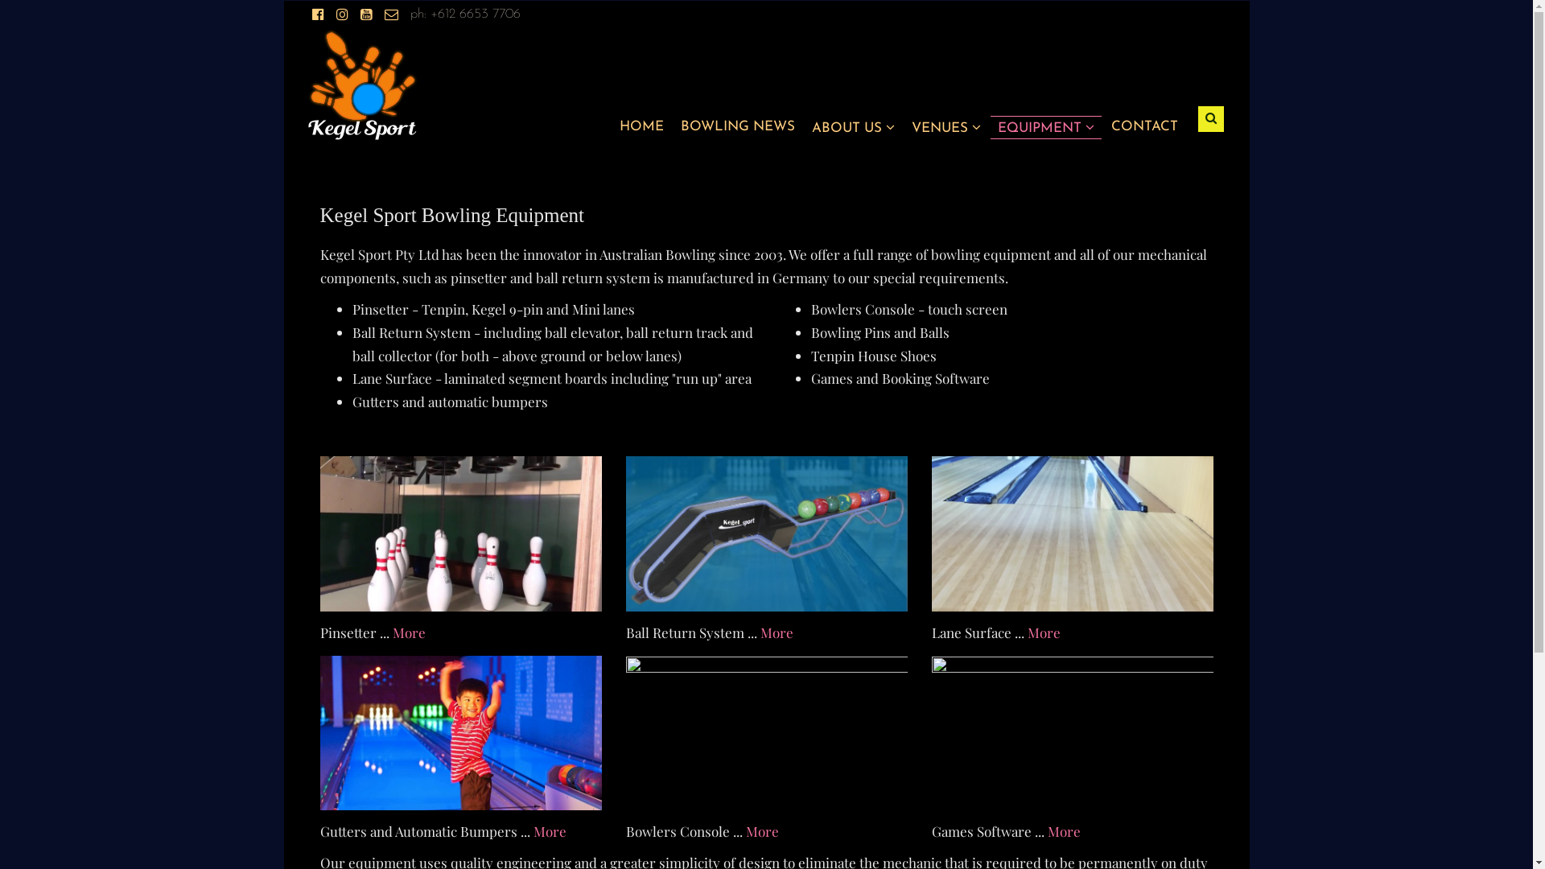 Image resolution: width=1545 pixels, height=869 pixels. What do you see at coordinates (1043, 632) in the screenshot?
I see `'More'` at bounding box center [1043, 632].